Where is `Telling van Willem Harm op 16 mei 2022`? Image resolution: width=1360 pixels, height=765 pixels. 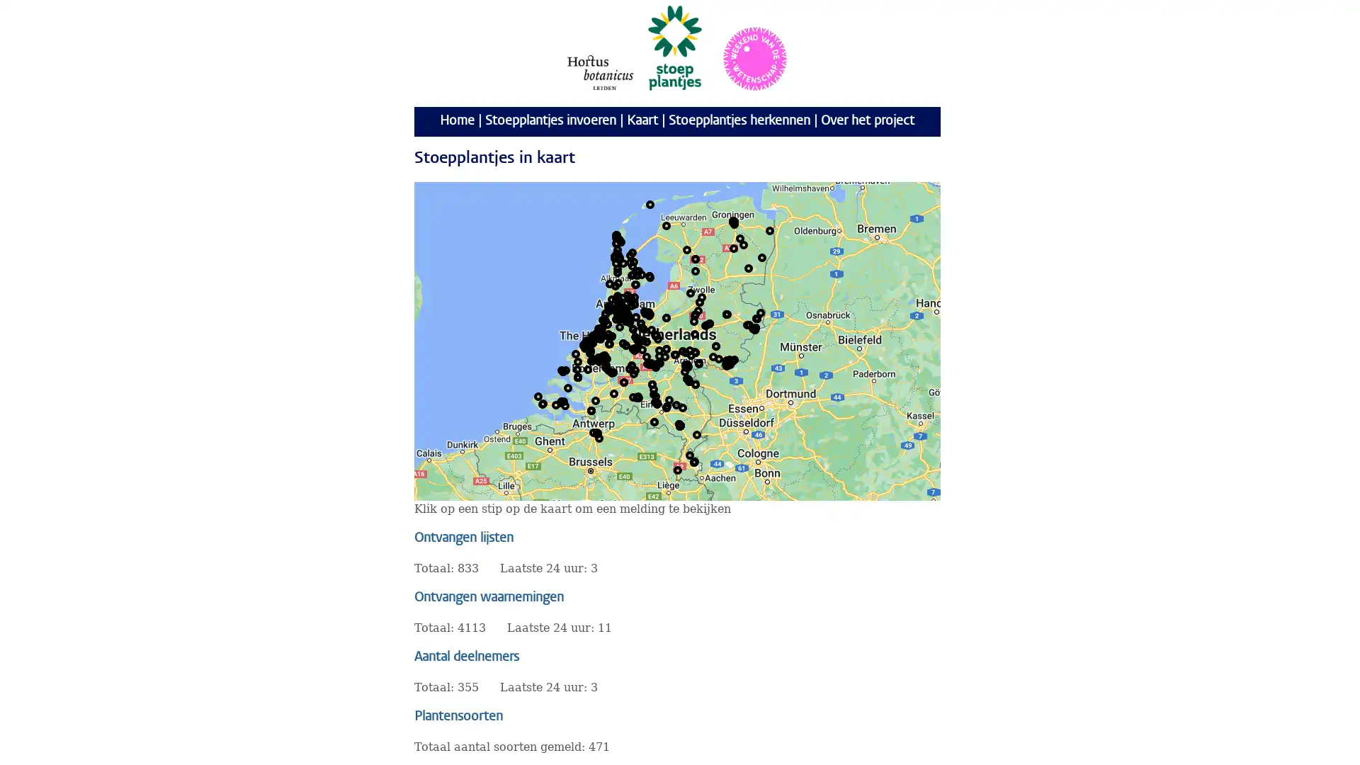 Telling van Willem Harm op 16 mei 2022 is located at coordinates (606, 357).